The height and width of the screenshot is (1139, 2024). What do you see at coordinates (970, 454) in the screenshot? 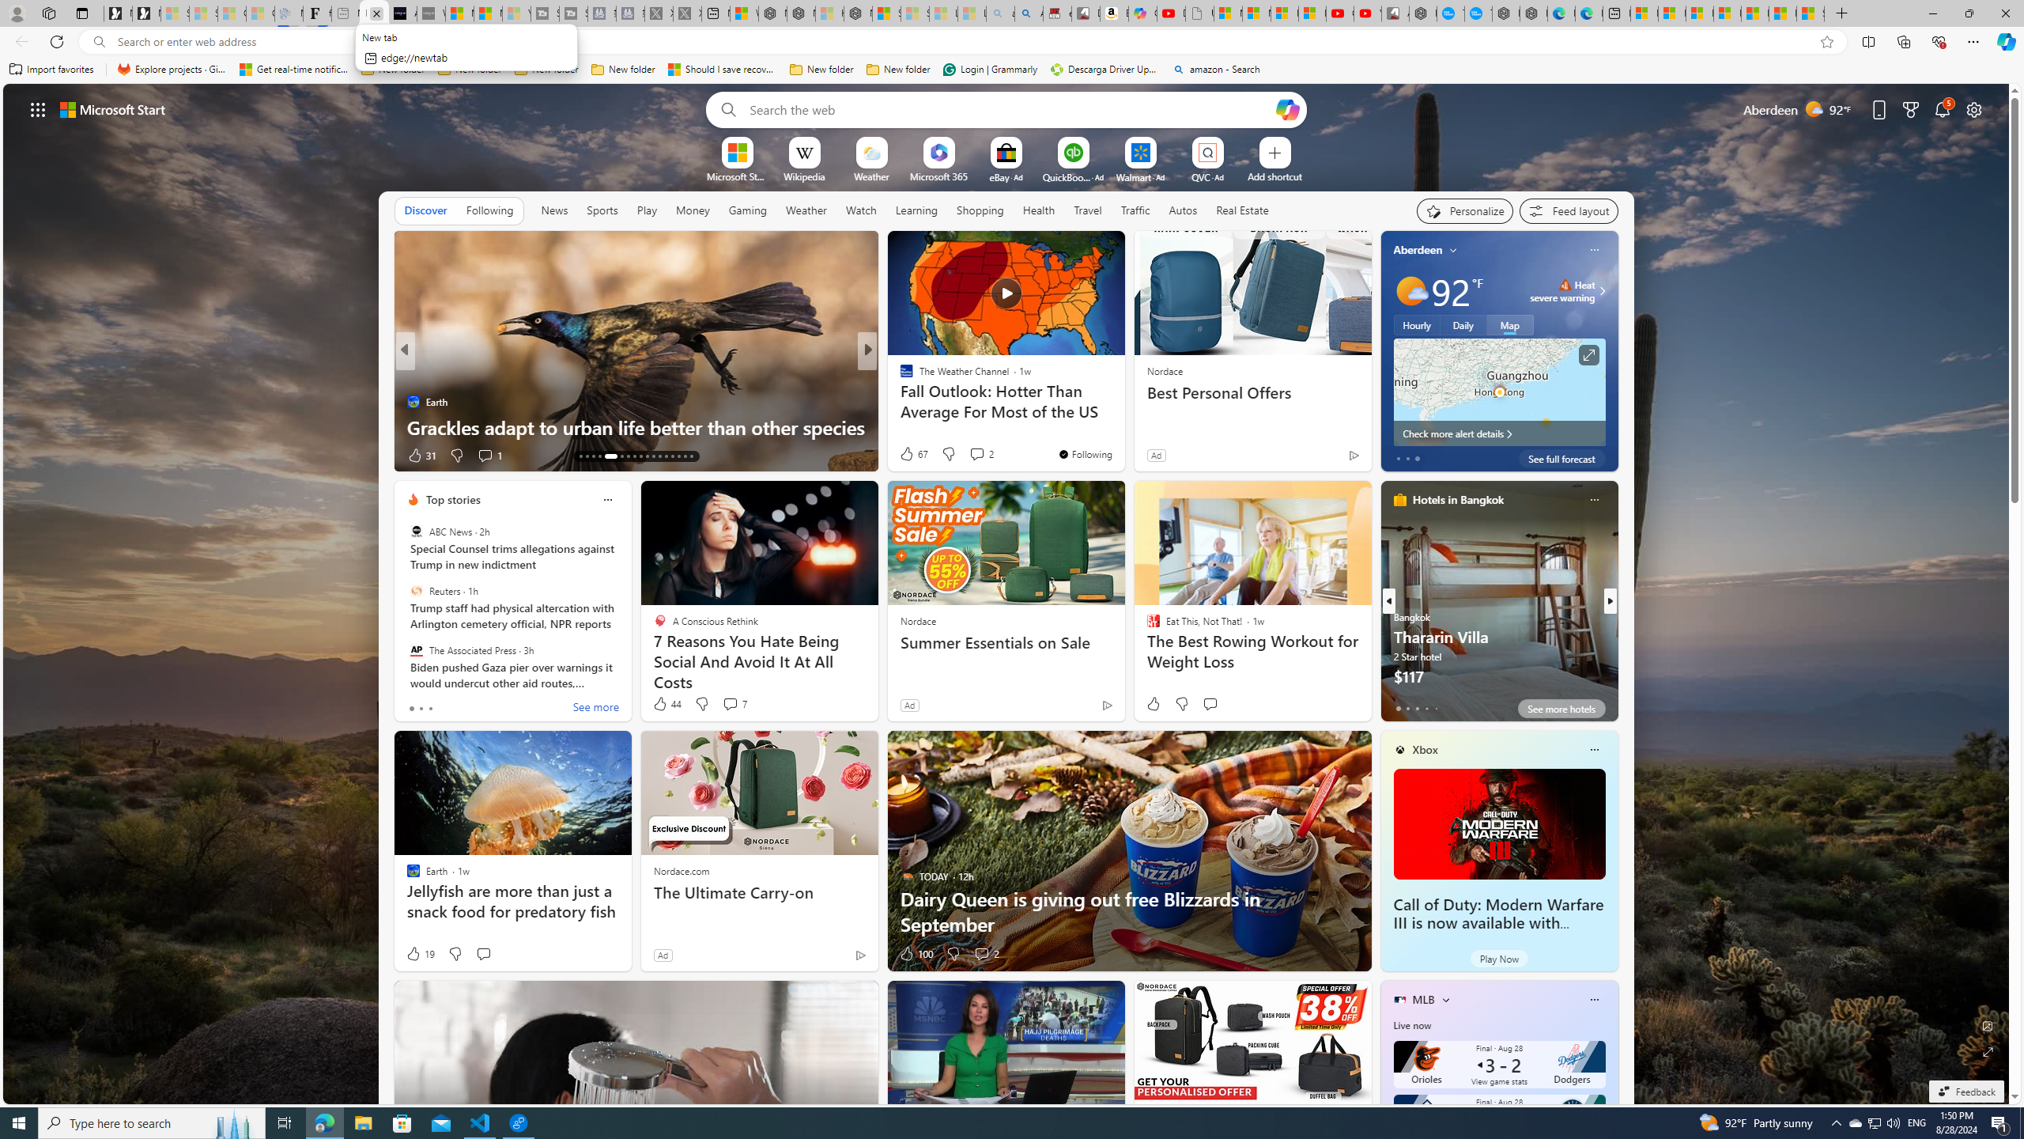
I see `'View comments 4 Comment'` at bounding box center [970, 454].